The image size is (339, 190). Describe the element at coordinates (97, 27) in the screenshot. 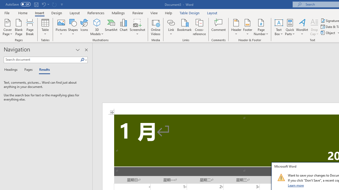

I see `'3D Models'` at that location.